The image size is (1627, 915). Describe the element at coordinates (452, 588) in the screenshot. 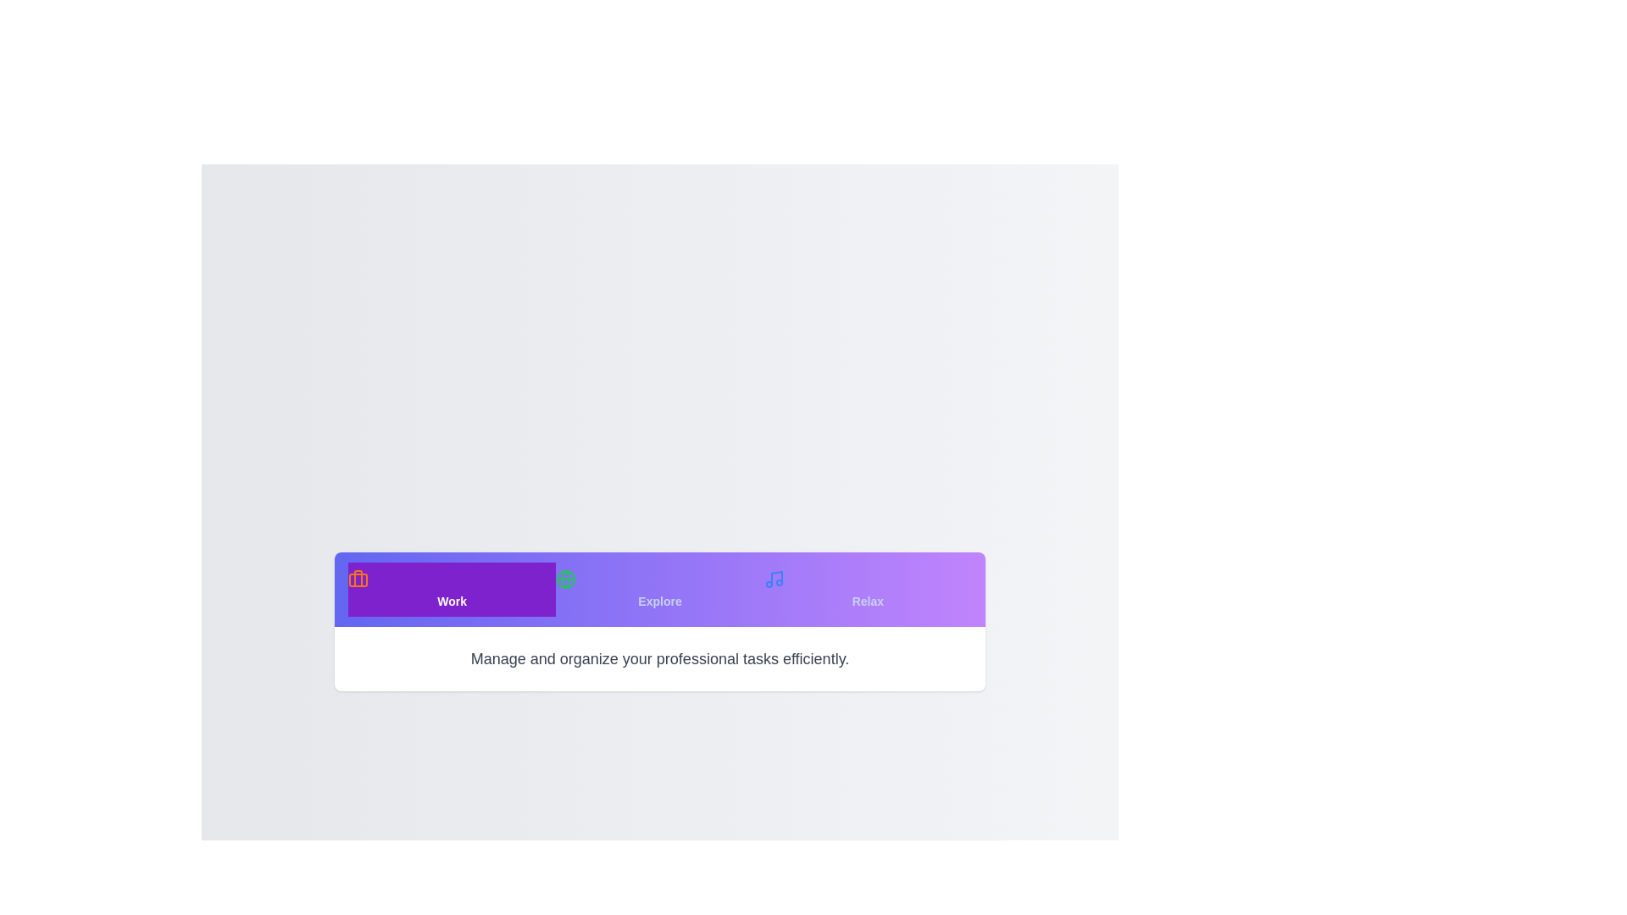

I see `the Work tab by clicking on its button` at that location.